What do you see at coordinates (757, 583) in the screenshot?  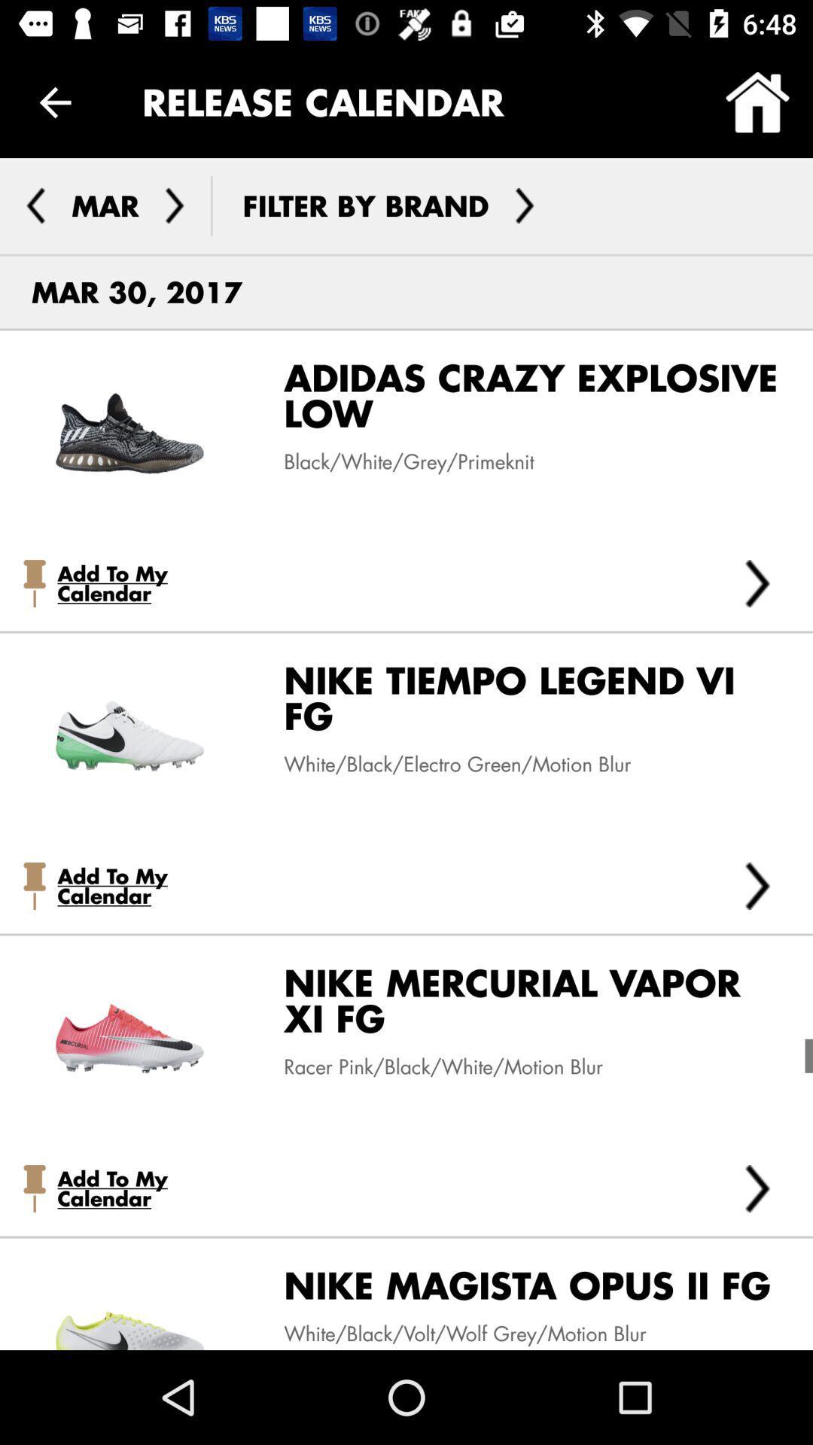 I see `item next to add to my icon` at bounding box center [757, 583].